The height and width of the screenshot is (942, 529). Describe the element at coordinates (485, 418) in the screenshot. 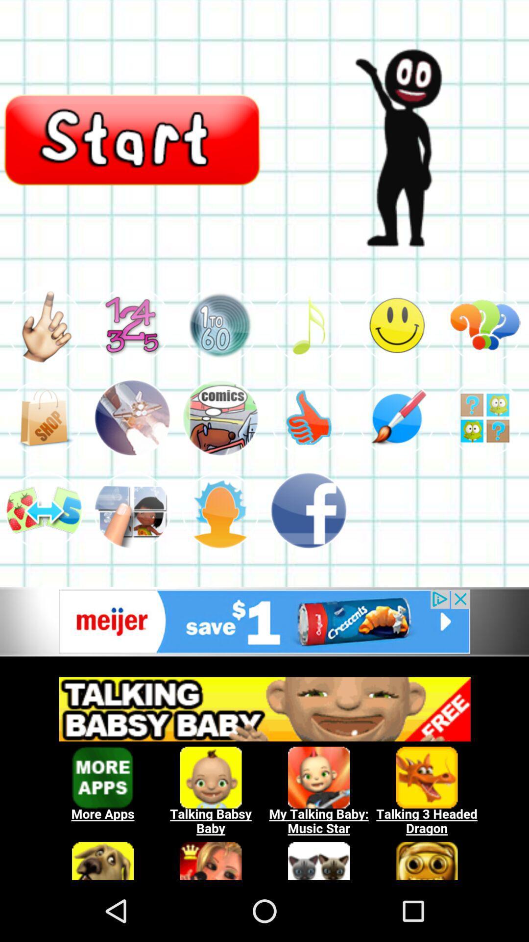

I see `open game` at that location.